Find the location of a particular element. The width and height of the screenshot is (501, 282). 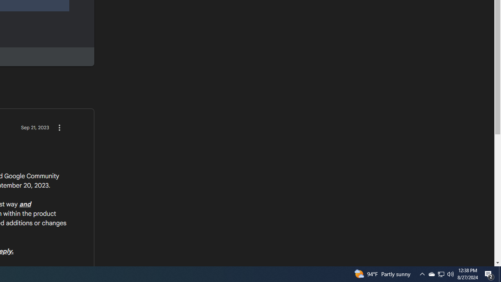

'Action items for the reply' is located at coordinates (59, 127).